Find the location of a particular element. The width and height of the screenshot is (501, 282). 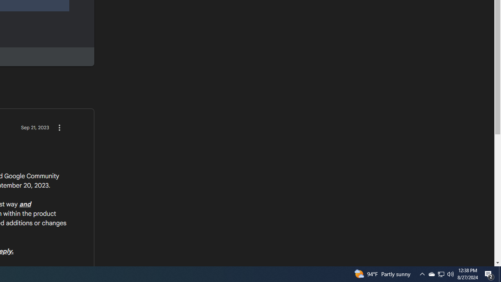

'Action items for the reply' is located at coordinates (59, 127).